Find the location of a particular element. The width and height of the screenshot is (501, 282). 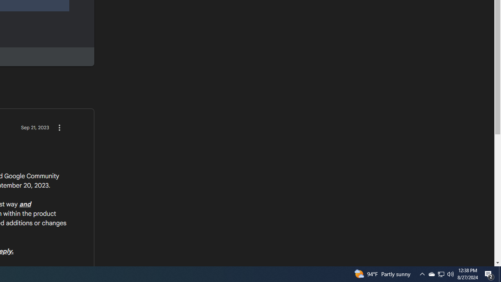

'Action items for the reply' is located at coordinates (59, 127).